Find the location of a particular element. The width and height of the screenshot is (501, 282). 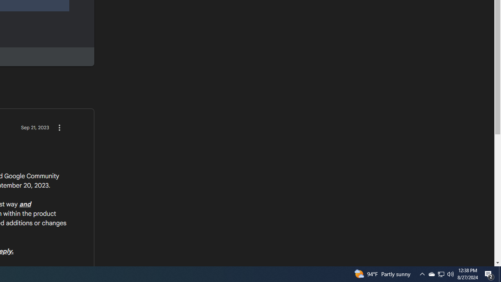

'Action items for the reply' is located at coordinates (59, 127).